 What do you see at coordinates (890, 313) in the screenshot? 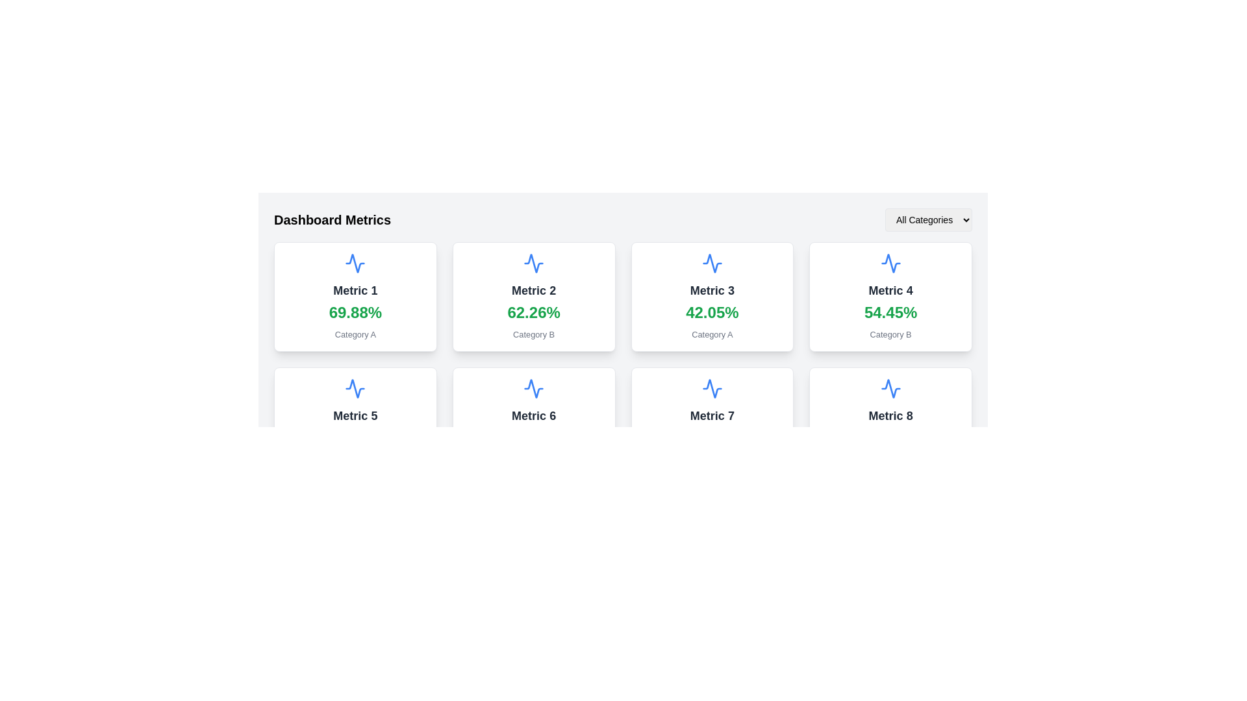
I see `percentage value '54.45%' displayed in a large, bold green font below the heading 'Metric 4' and above 'Category B' within the fourth card of a three-column grid layout` at bounding box center [890, 313].